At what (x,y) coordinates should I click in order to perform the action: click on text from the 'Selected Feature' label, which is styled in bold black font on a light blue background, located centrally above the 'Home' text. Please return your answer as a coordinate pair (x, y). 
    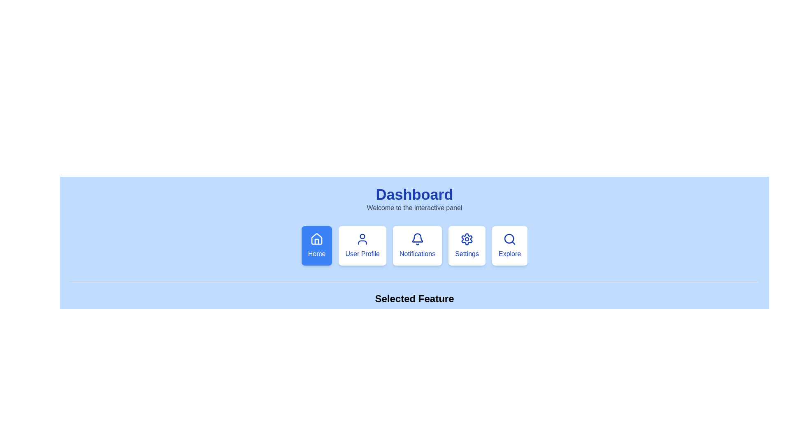
    Looking at the image, I should click on (414, 298).